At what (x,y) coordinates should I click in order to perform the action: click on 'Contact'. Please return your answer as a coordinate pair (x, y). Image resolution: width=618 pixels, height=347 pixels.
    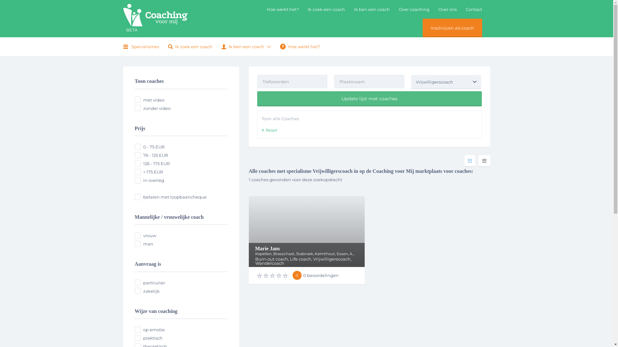
    Looking at the image, I should click on (473, 9).